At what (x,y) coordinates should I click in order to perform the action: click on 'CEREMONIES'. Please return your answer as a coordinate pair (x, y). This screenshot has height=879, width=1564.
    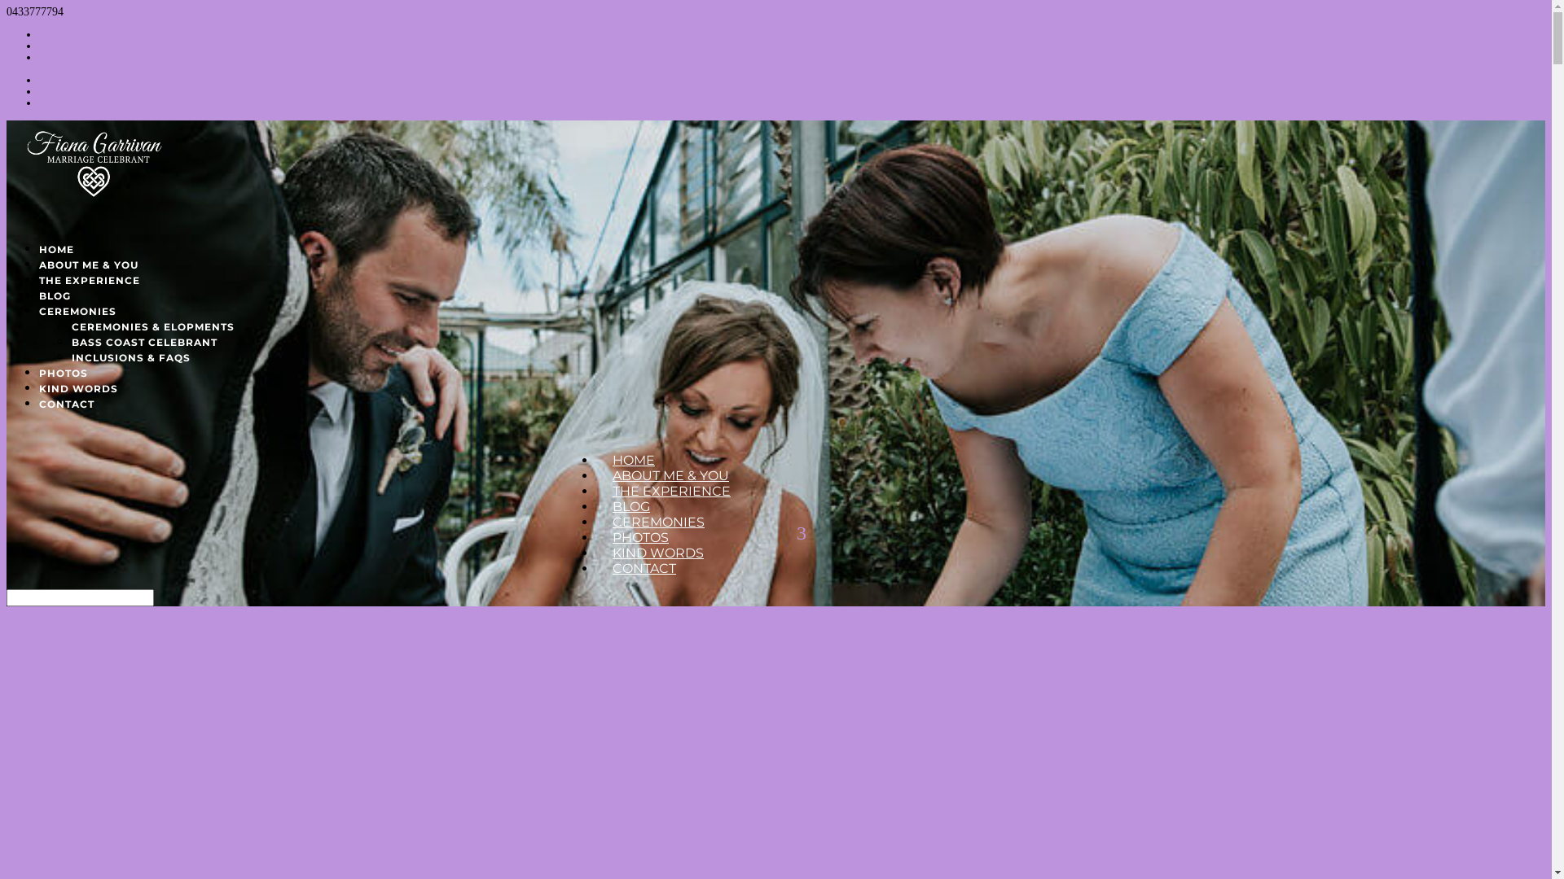
    Looking at the image, I should click on (658, 522).